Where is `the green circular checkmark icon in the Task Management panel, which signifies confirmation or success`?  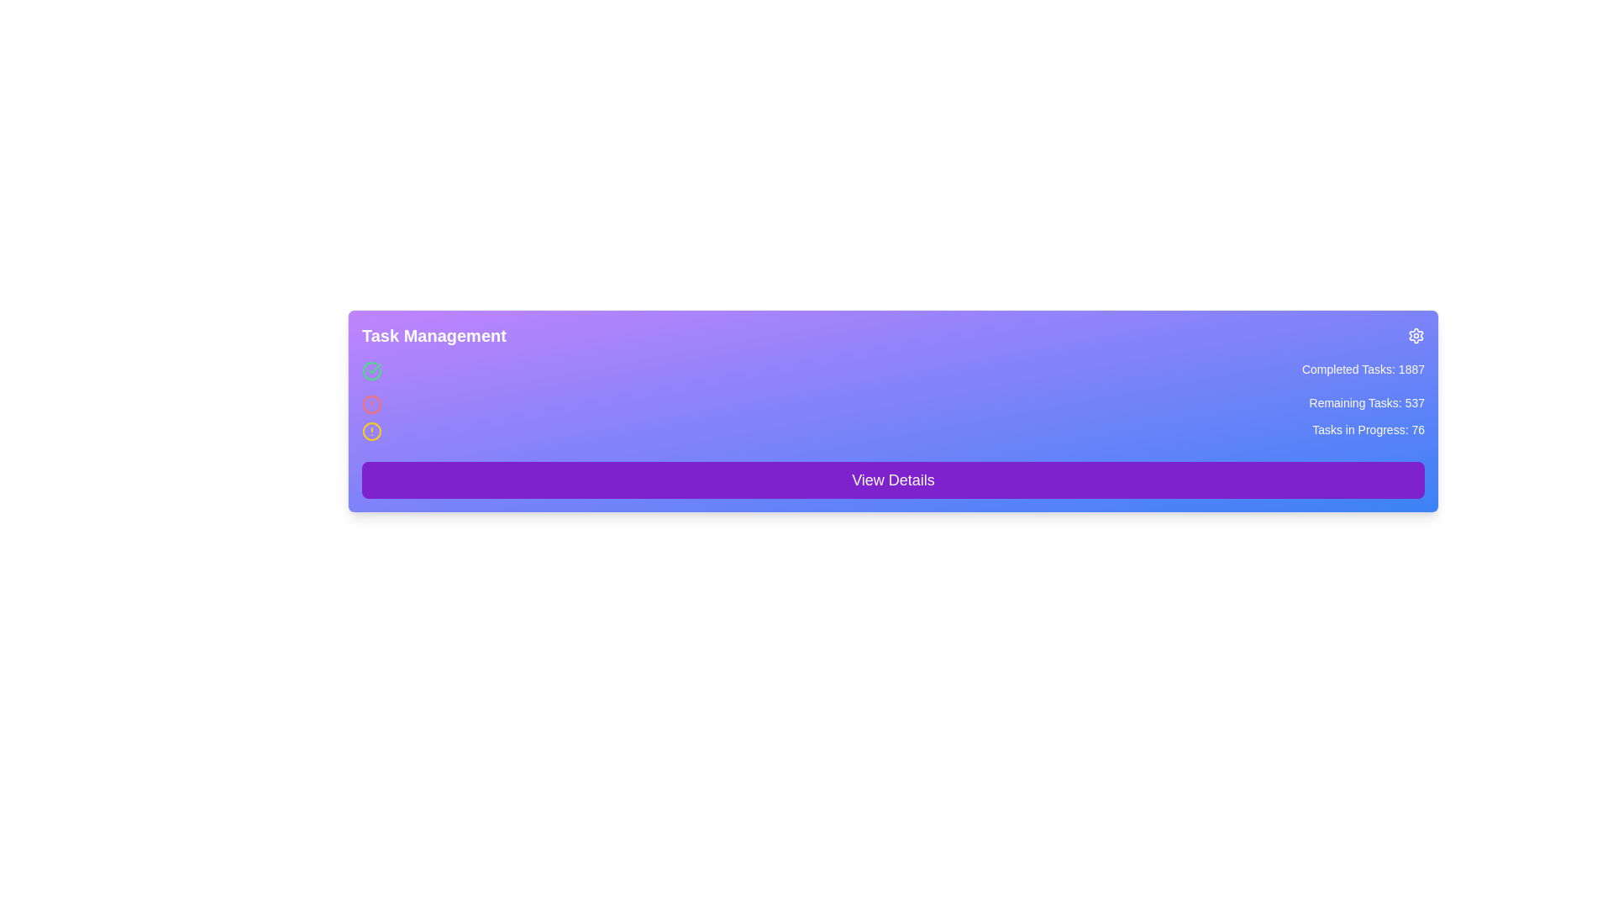 the green circular checkmark icon in the Task Management panel, which signifies confirmation or success is located at coordinates (374, 368).